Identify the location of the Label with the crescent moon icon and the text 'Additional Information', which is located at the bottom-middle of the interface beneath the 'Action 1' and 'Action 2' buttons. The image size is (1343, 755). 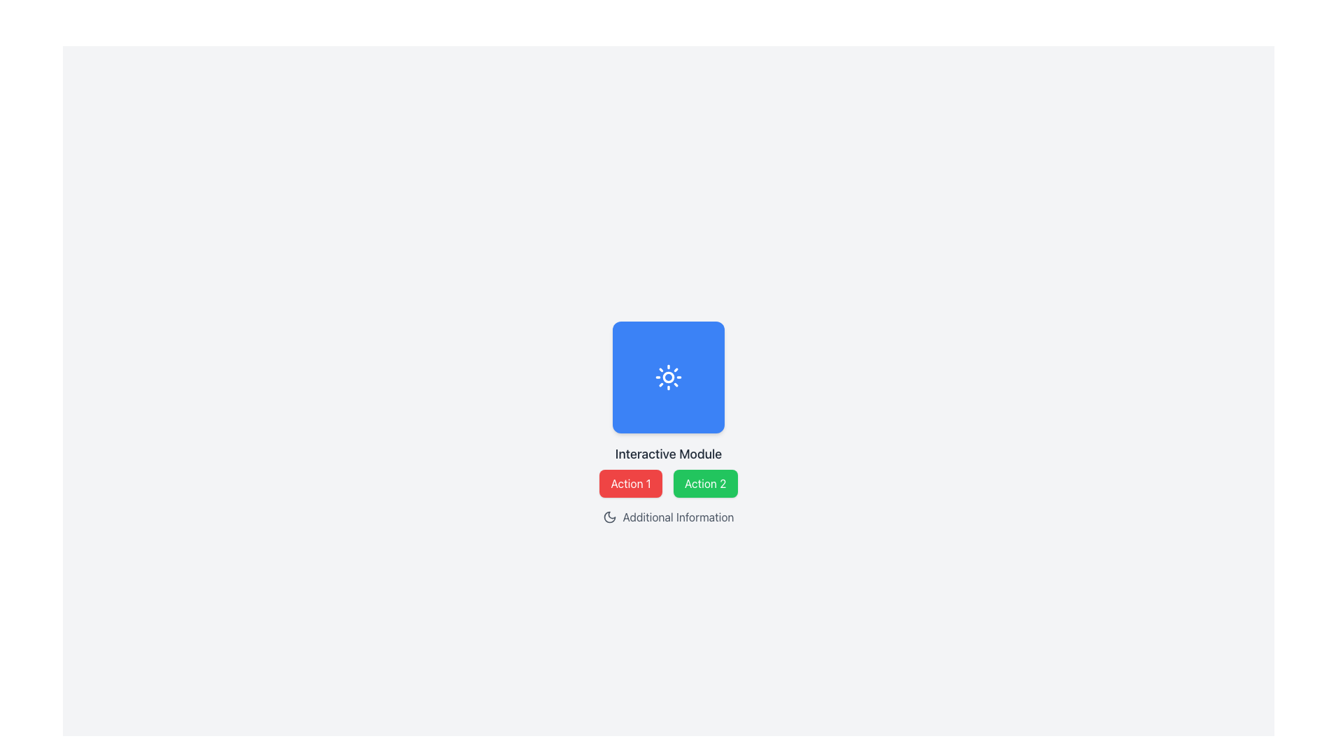
(667, 517).